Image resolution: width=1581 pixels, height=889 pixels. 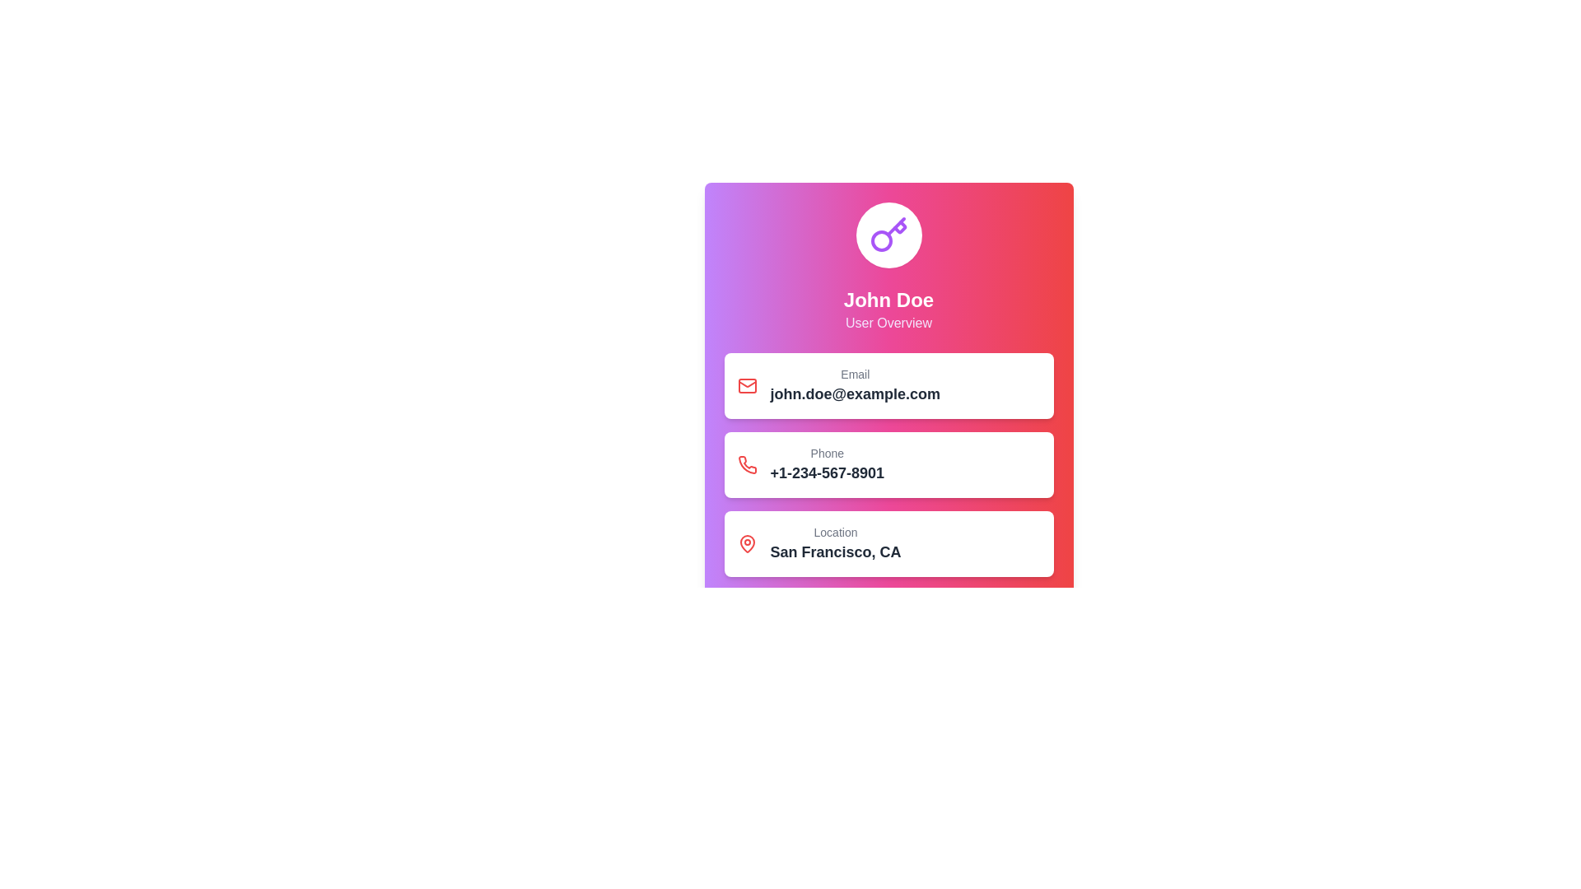 I want to click on text from the Header section that identifies the user by name and provides the descriptor 'User Overview.', so click(x=888, y=267).